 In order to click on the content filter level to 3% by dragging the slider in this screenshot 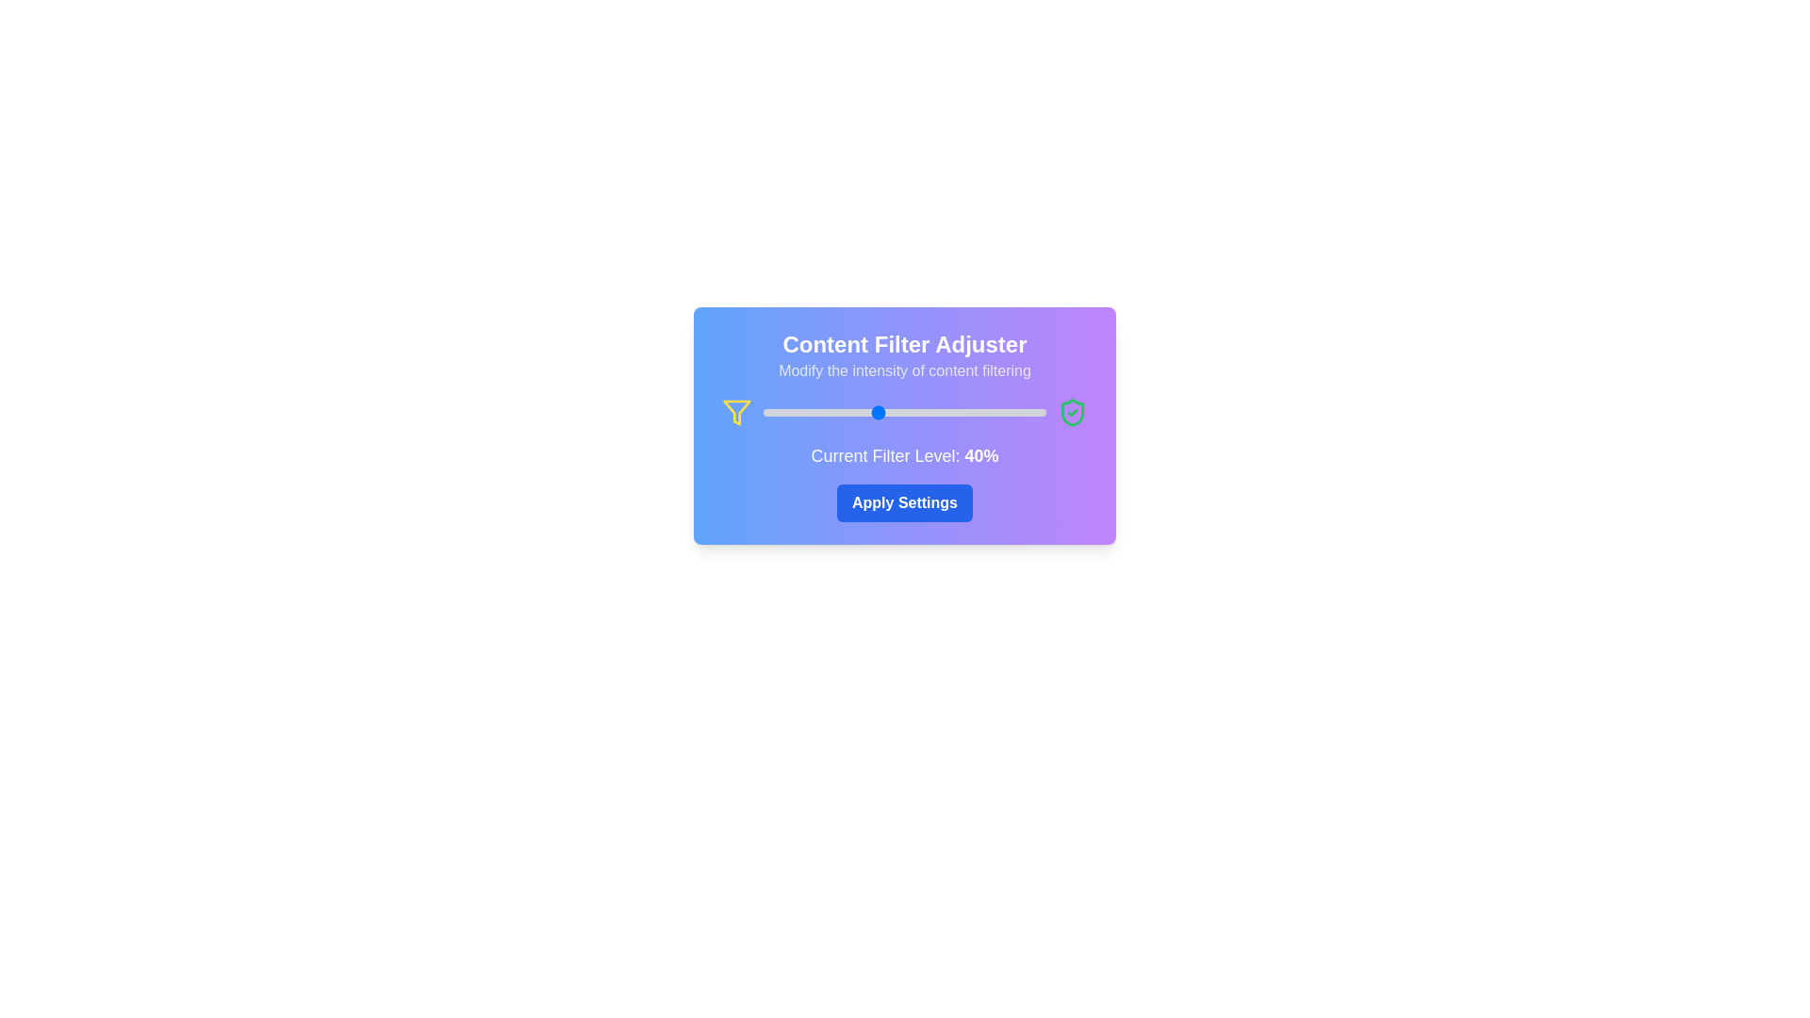, I will do `click(772, 412)`.